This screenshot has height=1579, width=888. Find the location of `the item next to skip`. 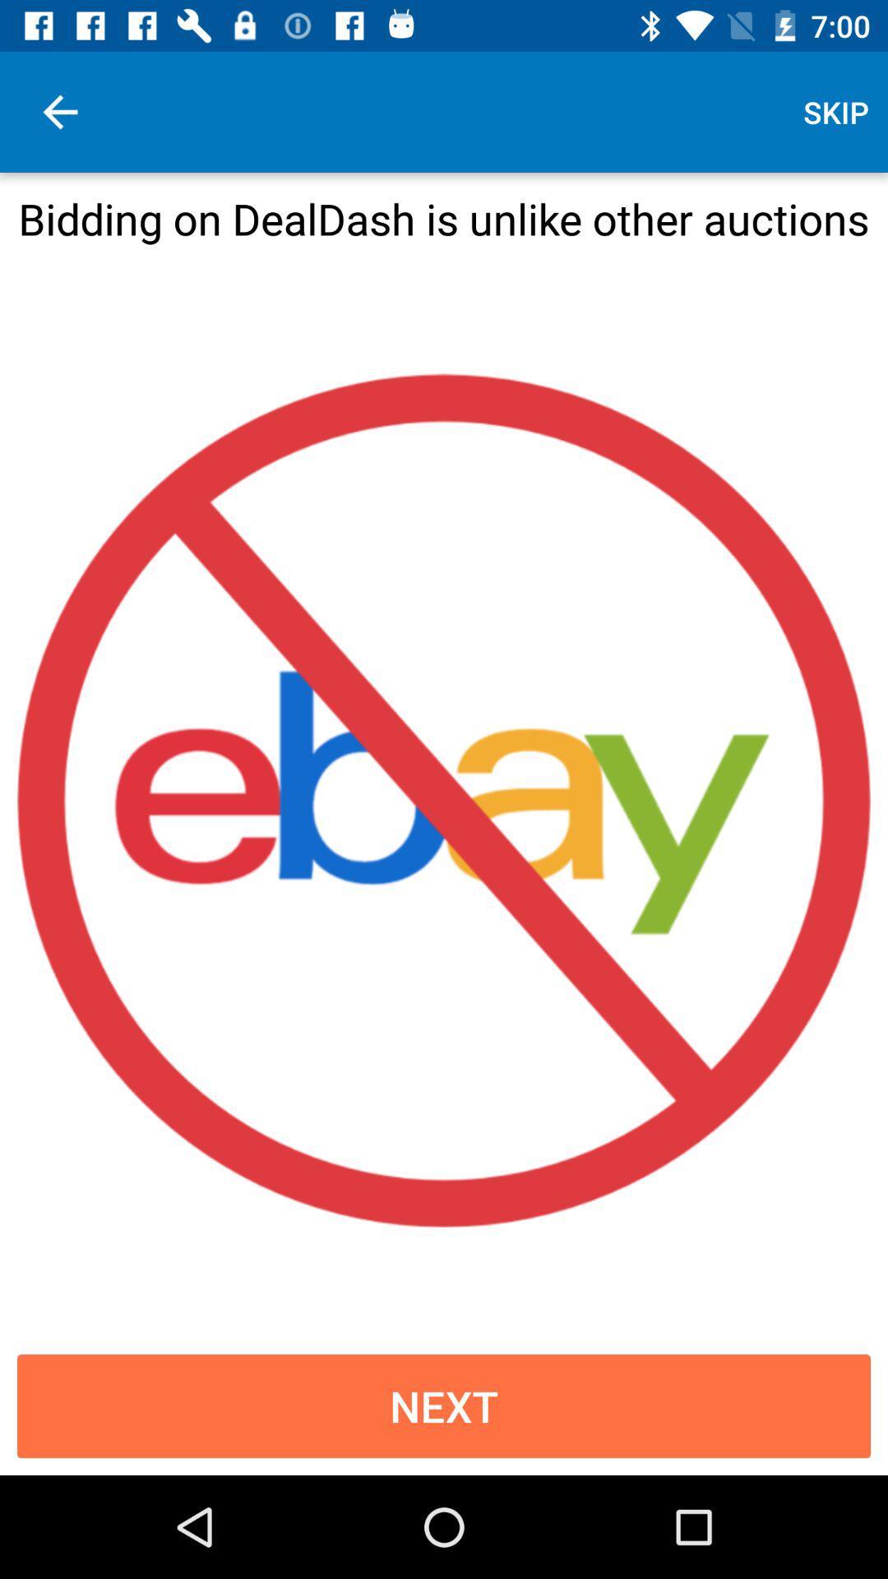

the item next to skip is located at coordinates (59, 111).